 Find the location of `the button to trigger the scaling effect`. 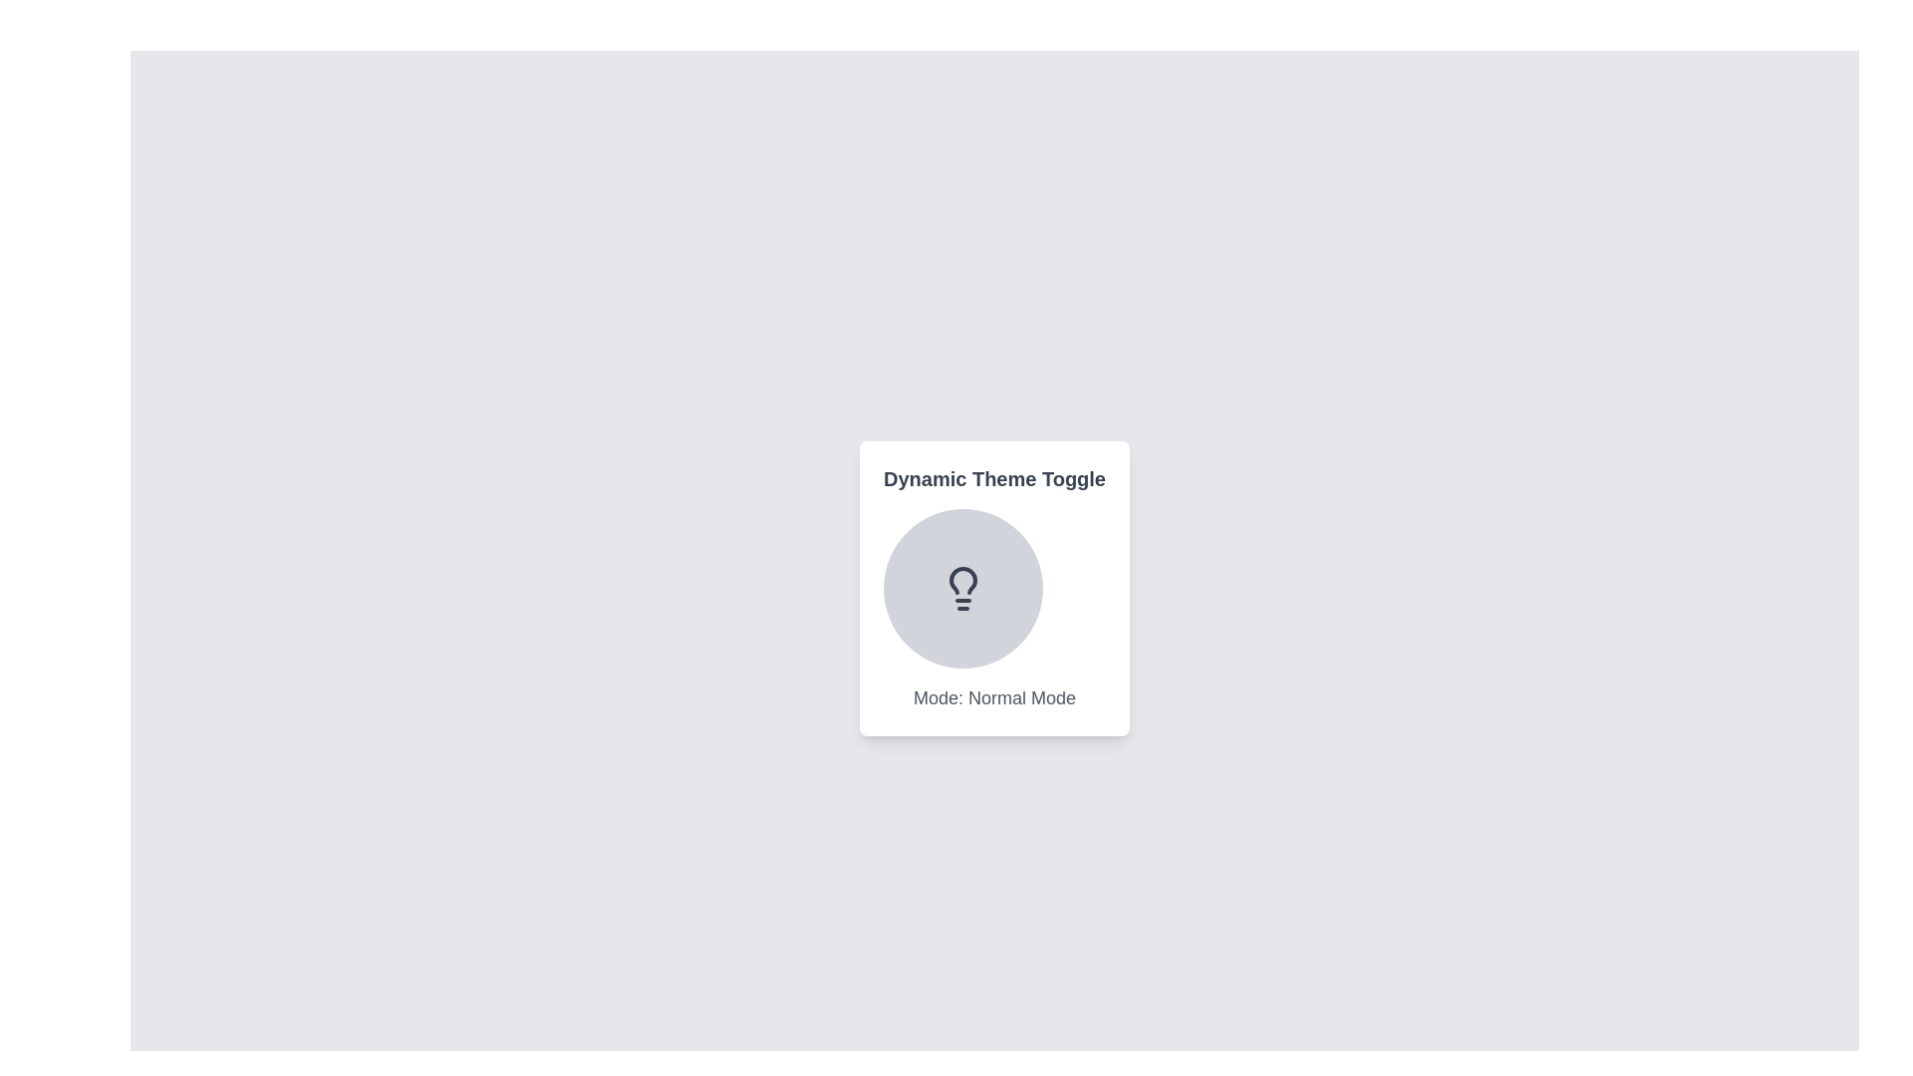

the button to trigger the scaling effect is located at coordinates (962, 587).